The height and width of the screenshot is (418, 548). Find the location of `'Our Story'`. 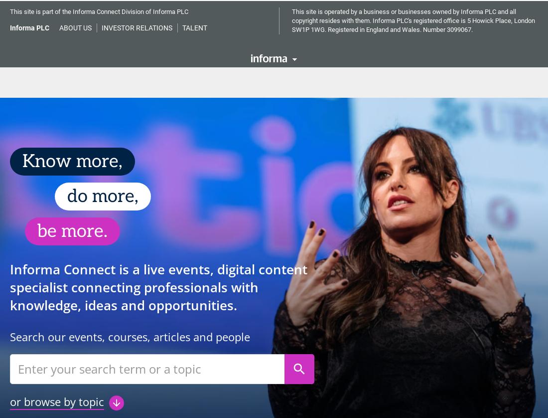

'Our Story' is located at coordinates (181, 15).